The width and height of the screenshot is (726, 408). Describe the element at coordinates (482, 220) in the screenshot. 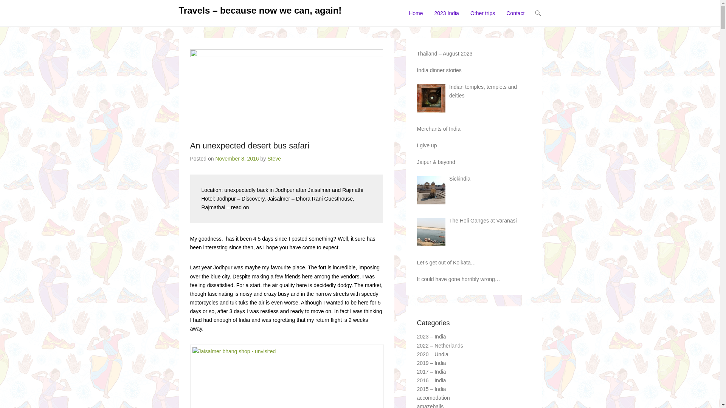

I see `'The Holi Ganges at Varanasi'` at that location.